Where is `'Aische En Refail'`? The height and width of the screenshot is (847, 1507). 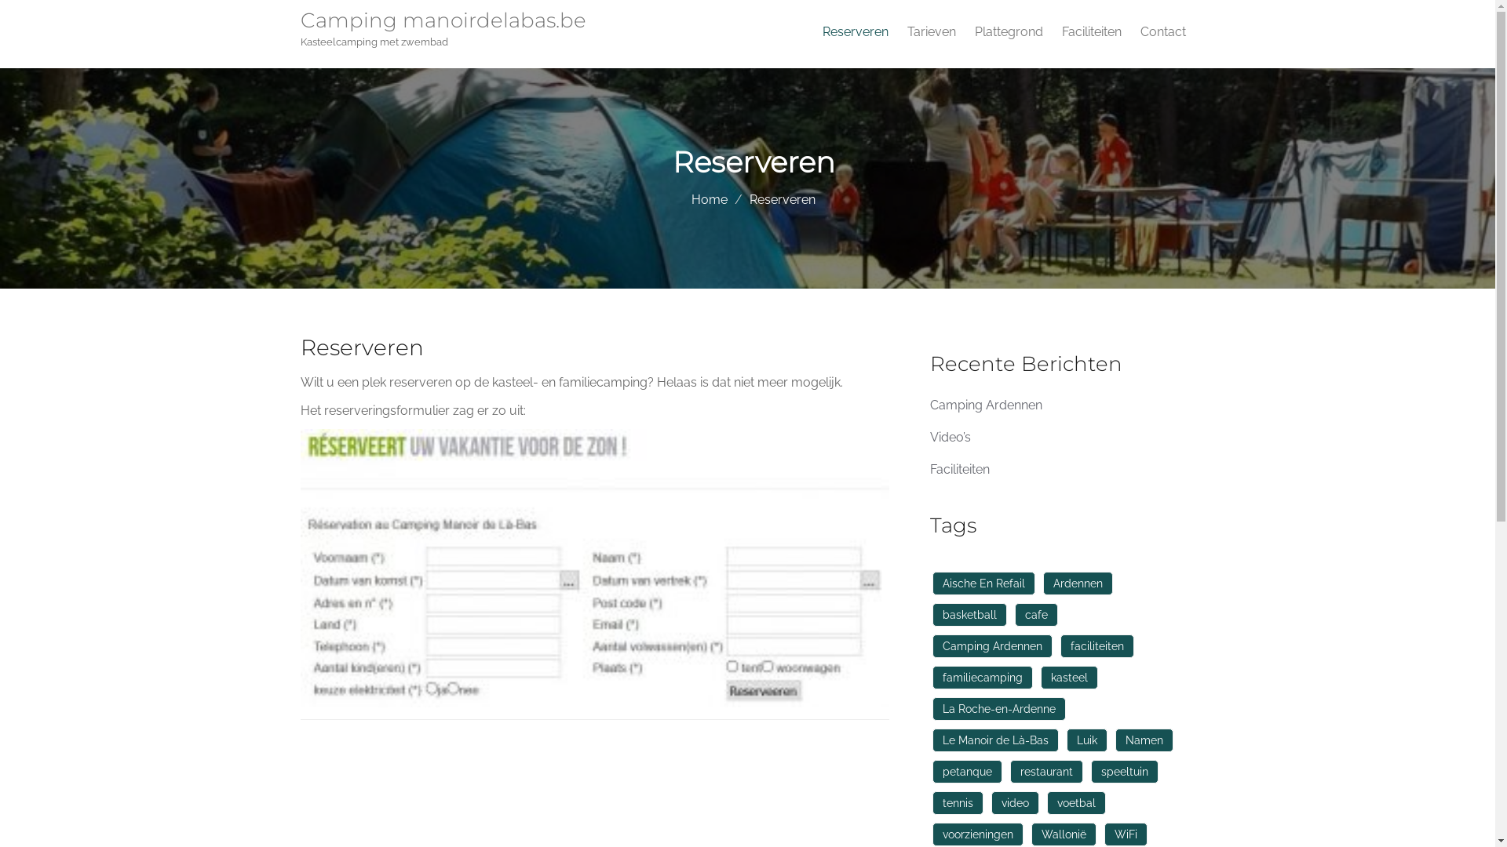 'Aische En Refail' is located at coordinates (983, 583).